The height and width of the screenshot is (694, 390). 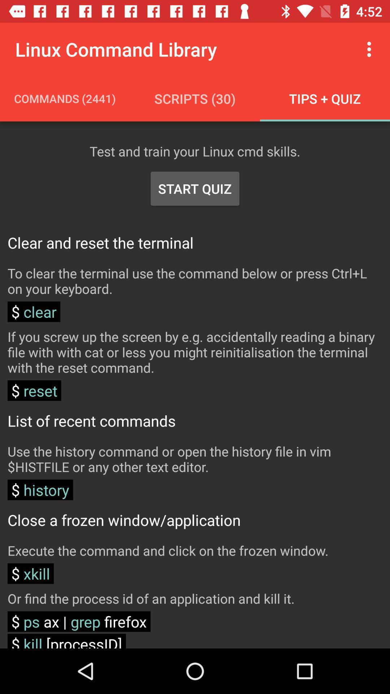 What do you see at coordinates (195, 189) in the screenshot?
I see `start quiz icon` at bounding box center [195, 189].